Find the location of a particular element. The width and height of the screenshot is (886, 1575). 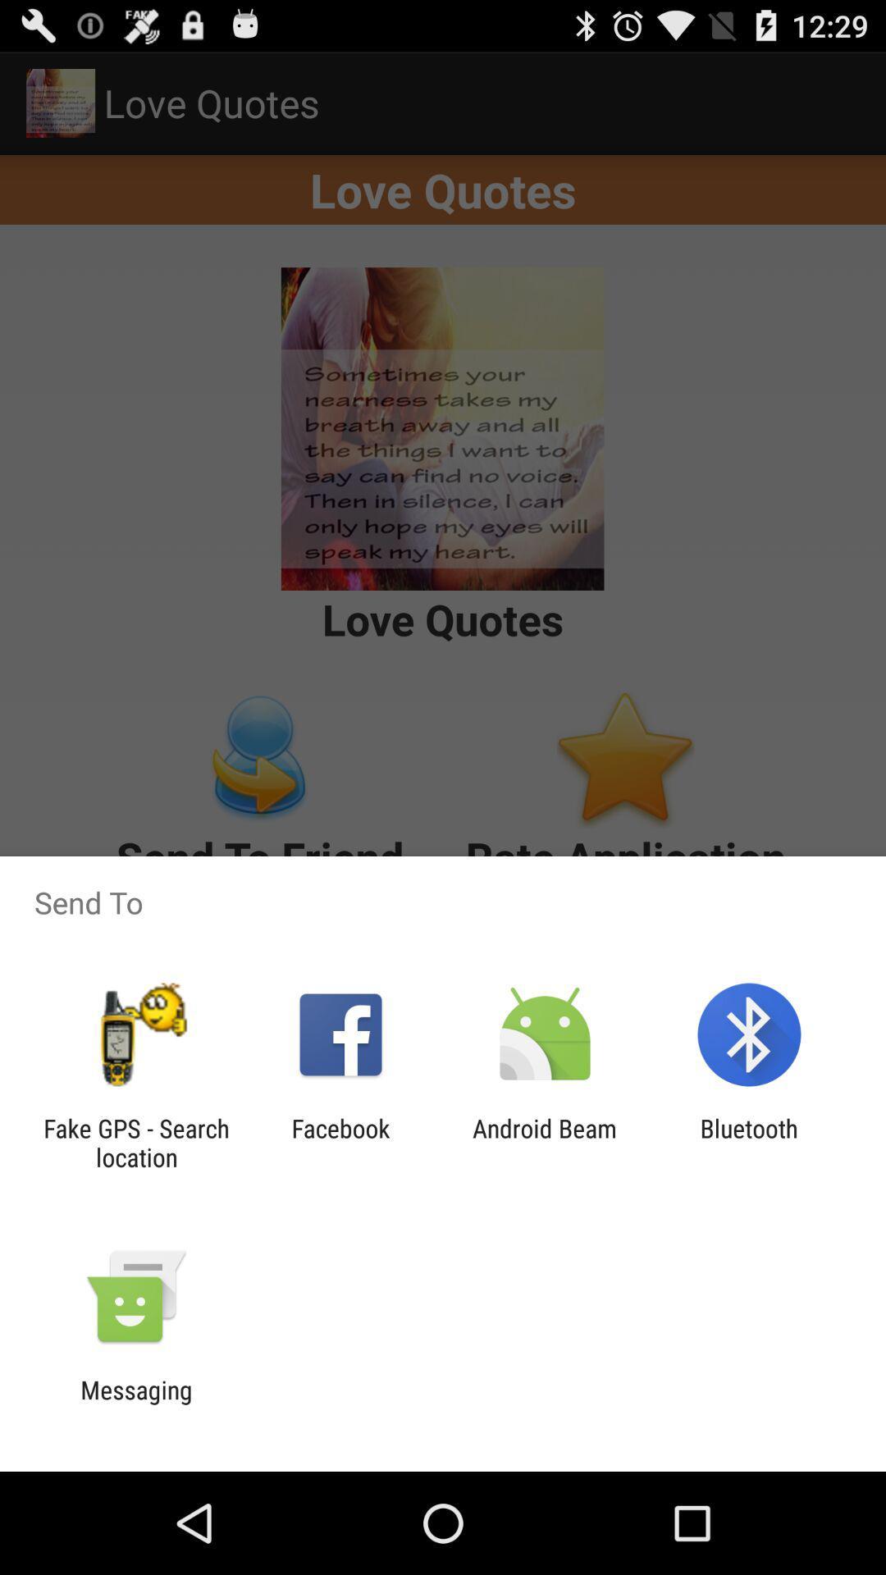

the app to the right of facebook app is located at coordinates (545, 1142).